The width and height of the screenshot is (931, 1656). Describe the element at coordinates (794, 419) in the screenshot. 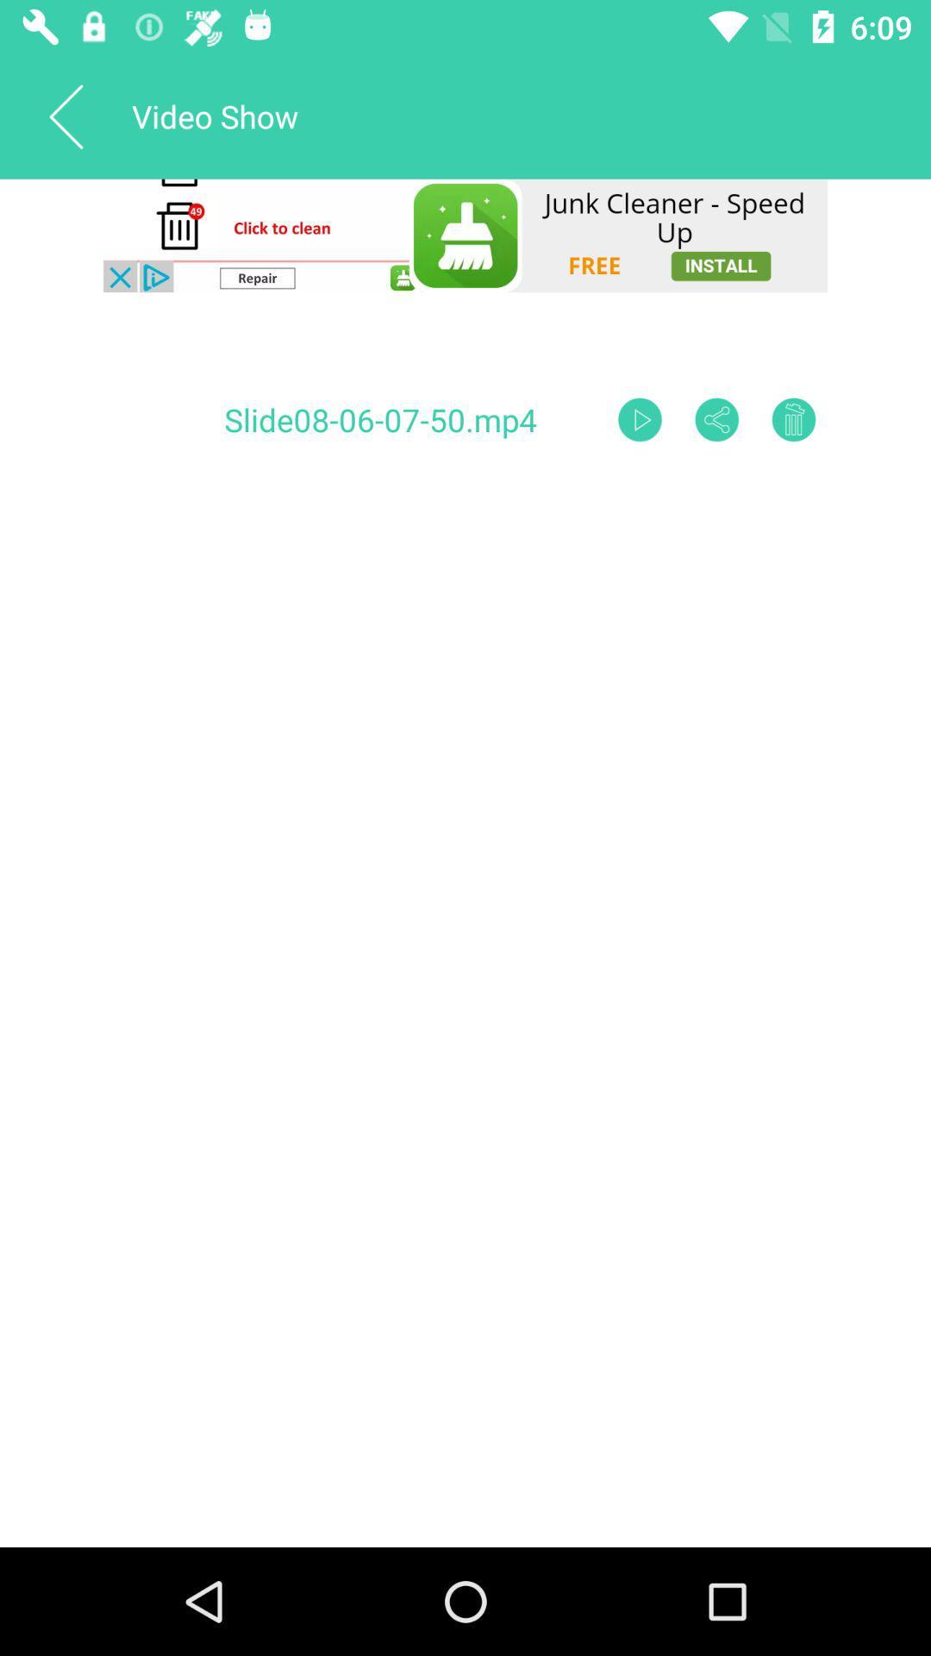

I see `delete` at that location.